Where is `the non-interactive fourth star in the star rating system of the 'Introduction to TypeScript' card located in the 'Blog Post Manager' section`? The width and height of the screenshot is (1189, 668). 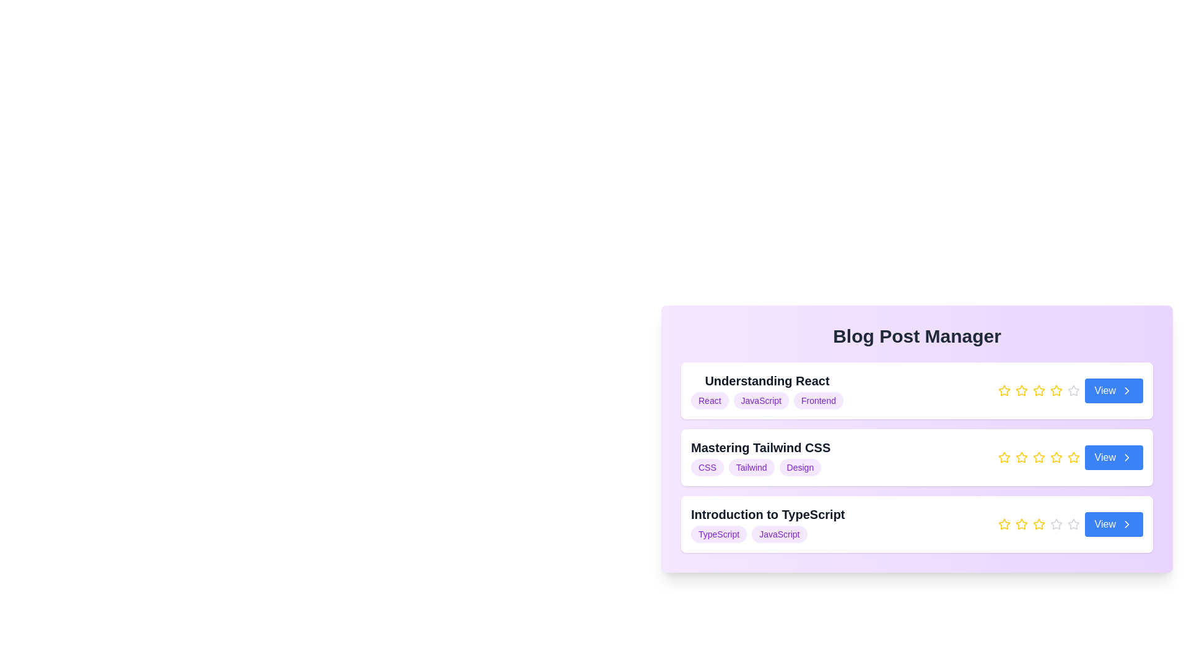 the non-interactive fourth star in the star rating system of the 'Introduction to TypeScript' card located in the 'Blog Post Manager' section is located at coordinates (1069, 525).